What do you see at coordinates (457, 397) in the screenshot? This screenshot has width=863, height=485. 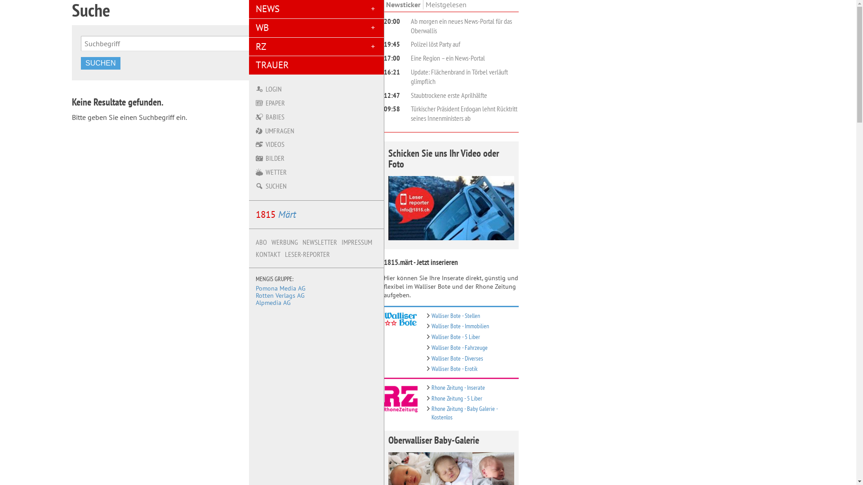 I see `'Rhone Zeitung - 5 Liber'` at bounding box center [457, 397].